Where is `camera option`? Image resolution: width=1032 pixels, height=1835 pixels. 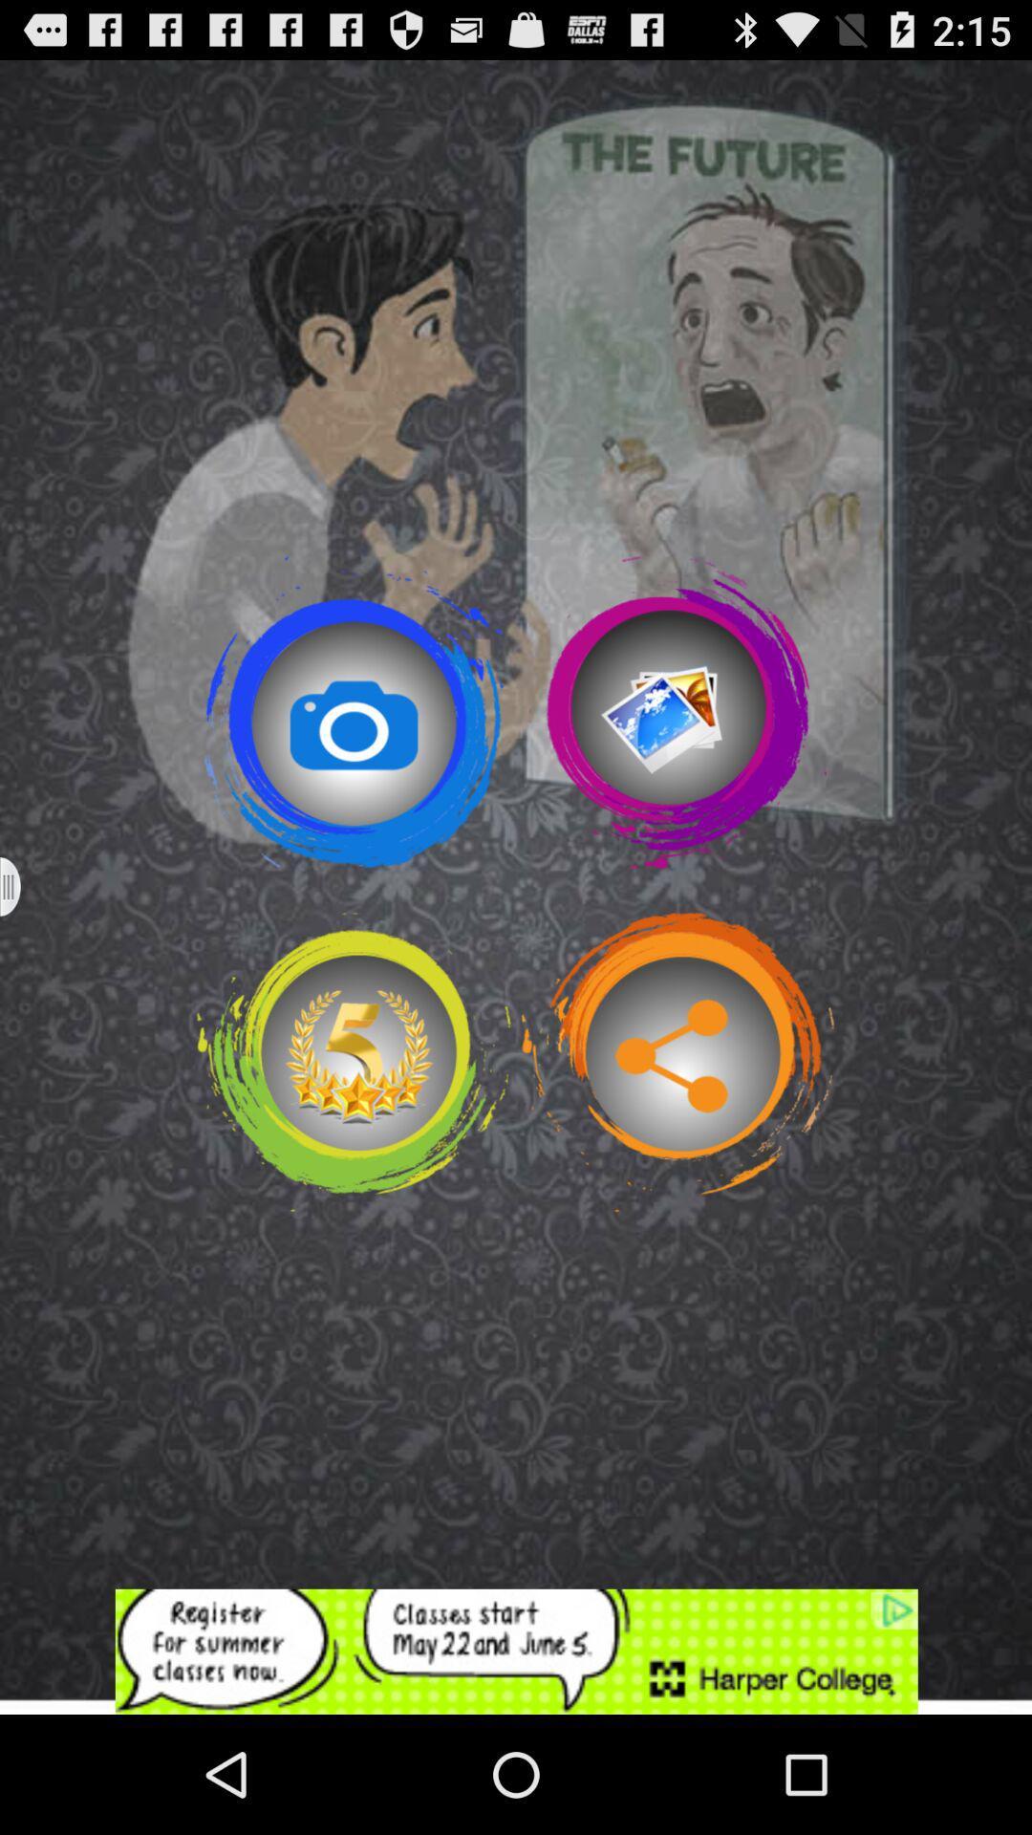 camera option is located at coordinates (354, 711).